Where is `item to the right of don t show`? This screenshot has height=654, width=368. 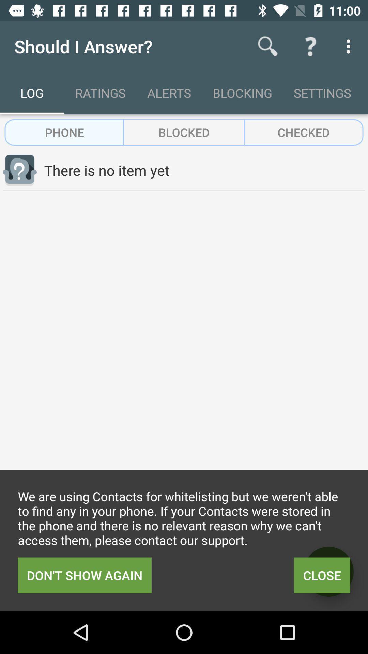 item to the right of don t show is located at coordinates (328, 572).